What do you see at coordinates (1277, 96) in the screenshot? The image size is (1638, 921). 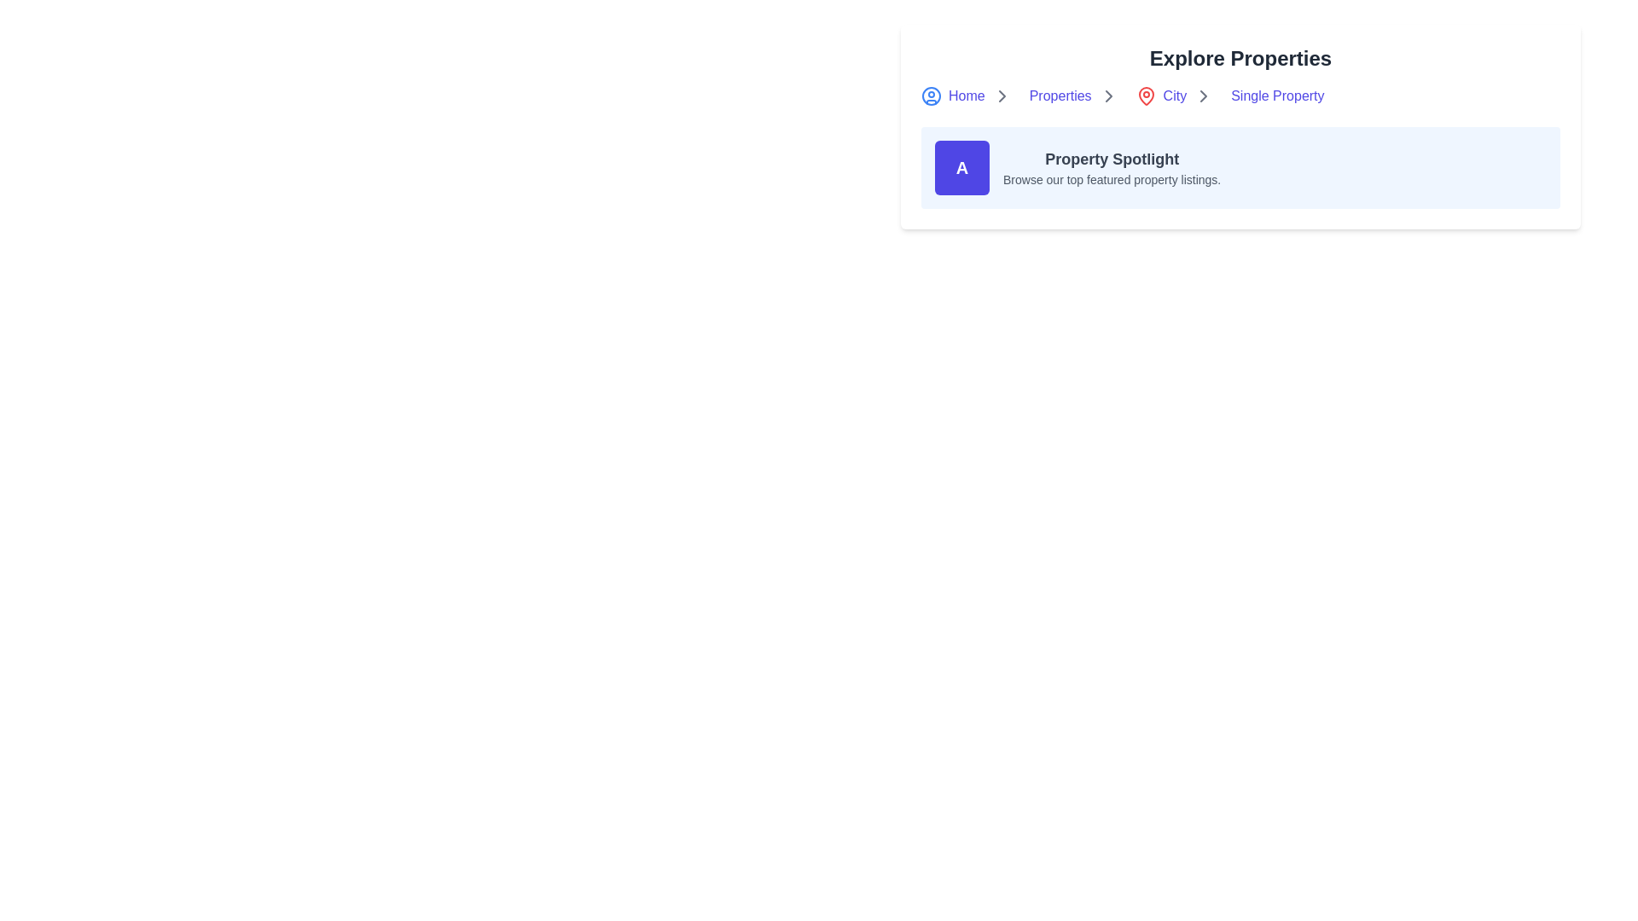 I see `the 'Single Property' breadcrumb item label` at bounding box center [1277, 96].